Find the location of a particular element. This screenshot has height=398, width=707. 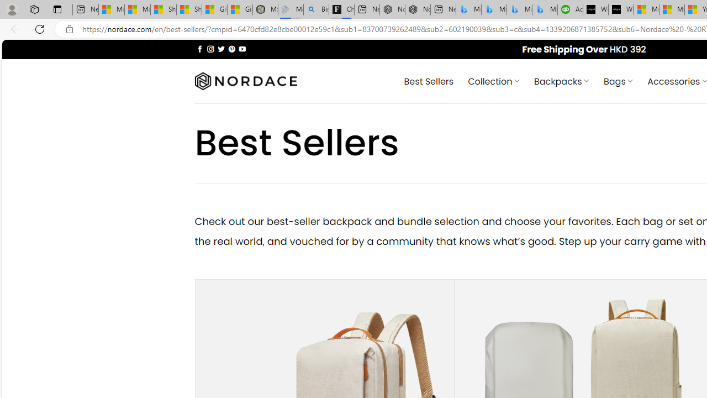

'Follow on Twitter' is located at coordinates (221, 48).